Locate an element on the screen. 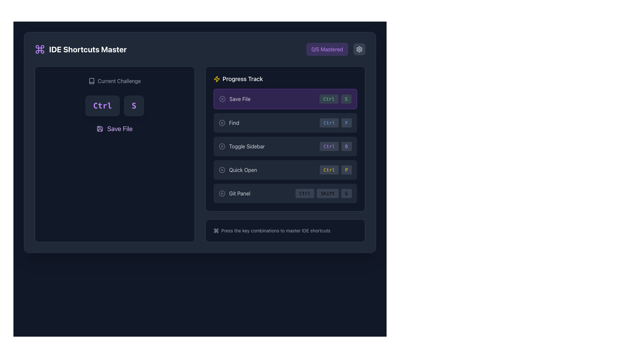 This screenshot has width=629, height=353. the keyboard shortcut key element located to the right of the 'Ctrl' button, which indicates a keyboard shortcut action is located at coordinates (346, 146).